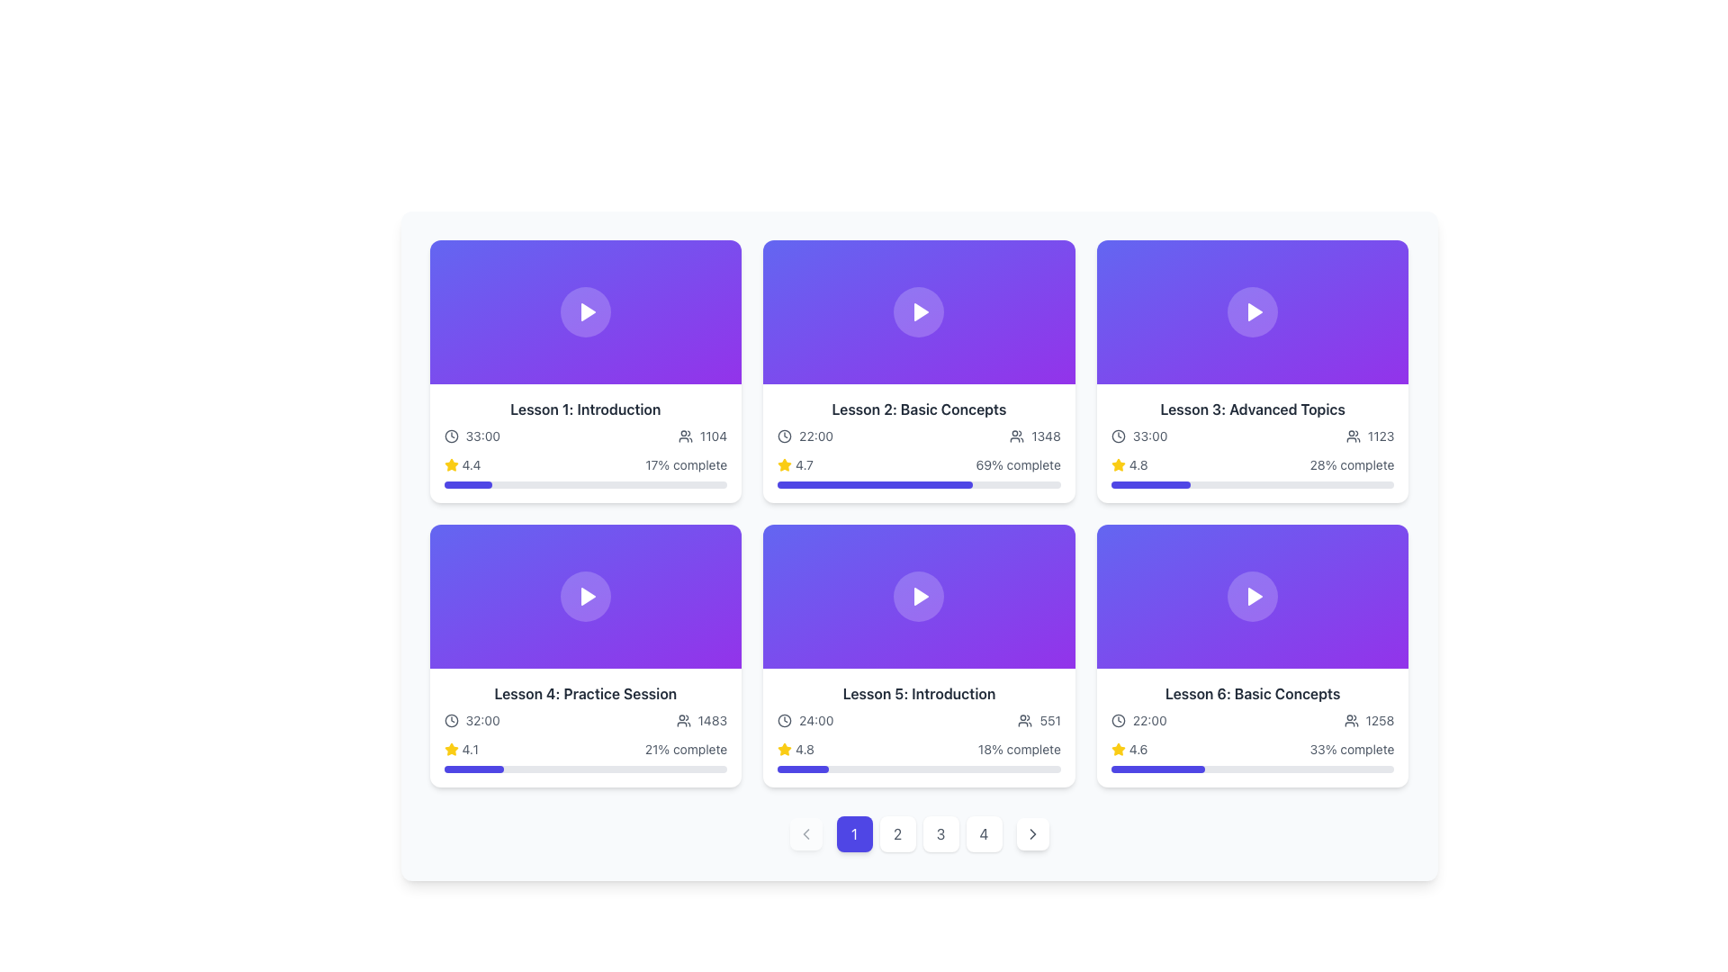 This screenshot has height=972, width=1728. Describe the element at coordinates (585, 720) in the screenshot. I see `the visual metadata display element showing lesson duration ('32:00') and participant count ('1483') located below the title 'Lesson 4: Practice Session'` at that location.